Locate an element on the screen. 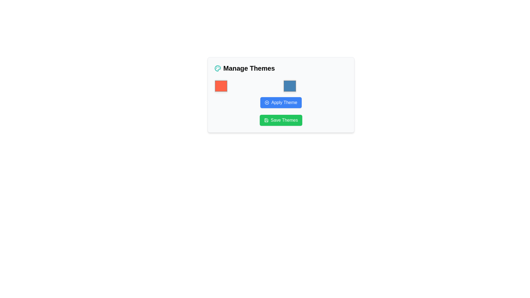 This screenshot has height=298, width=530. the leftmost color picker in the grid layout is located at coordinates (221, 86).